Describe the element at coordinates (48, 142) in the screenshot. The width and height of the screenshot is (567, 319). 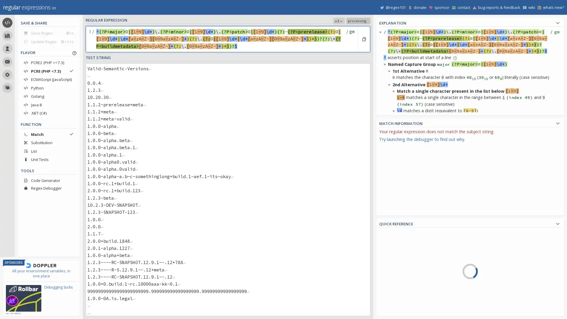
I see `Substitution` at that location.